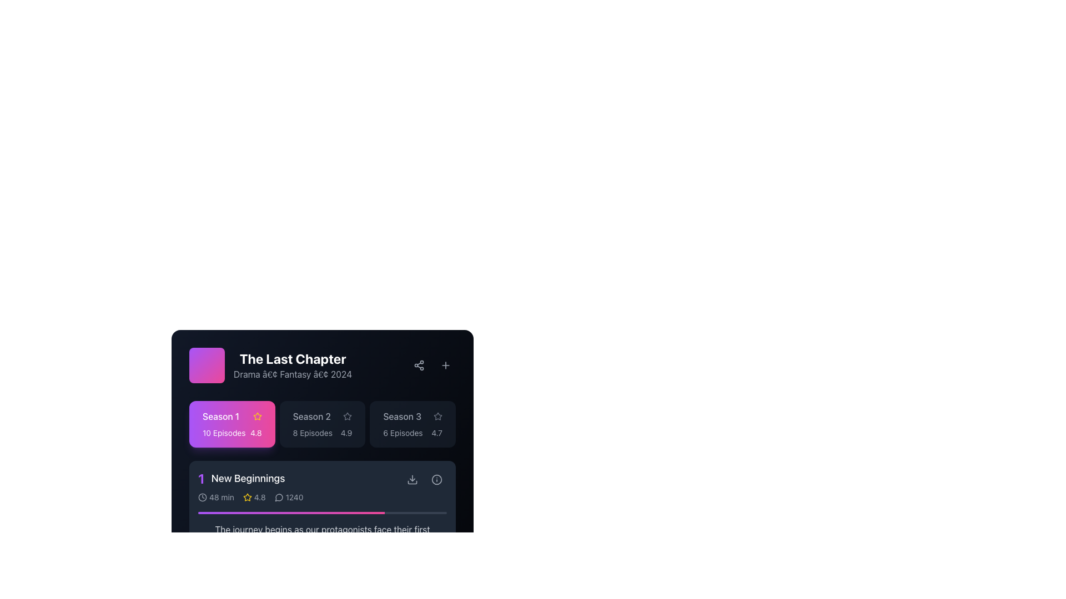 The image size is (1066, 599). What do you see at coordinates (293, 359) in the screenshot?
I see `the Text Display element that shows 'The Last Chapter' in bold white font, positioned prominently on a dark background` at bounding box center [293, 359].